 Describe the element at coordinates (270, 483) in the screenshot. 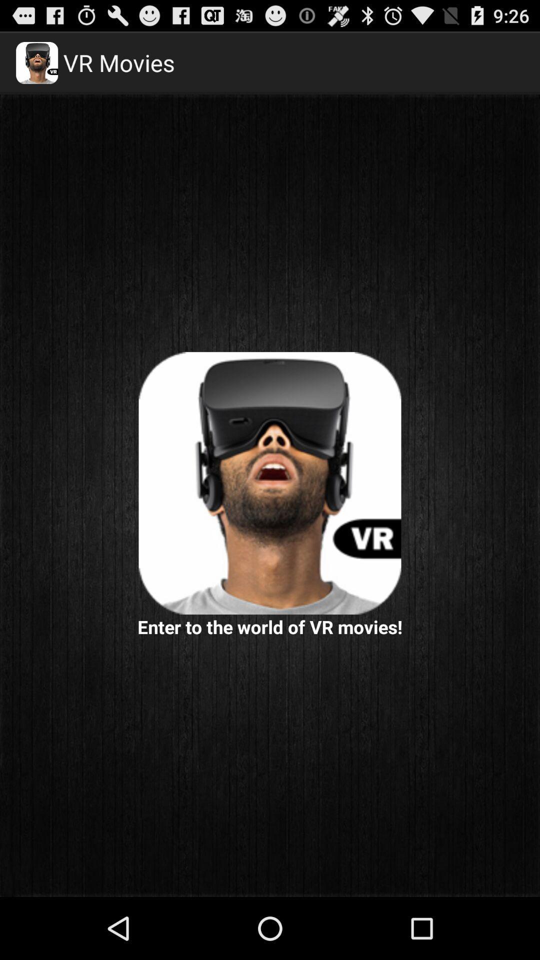

I see `the app above the enter to the app` at that location.